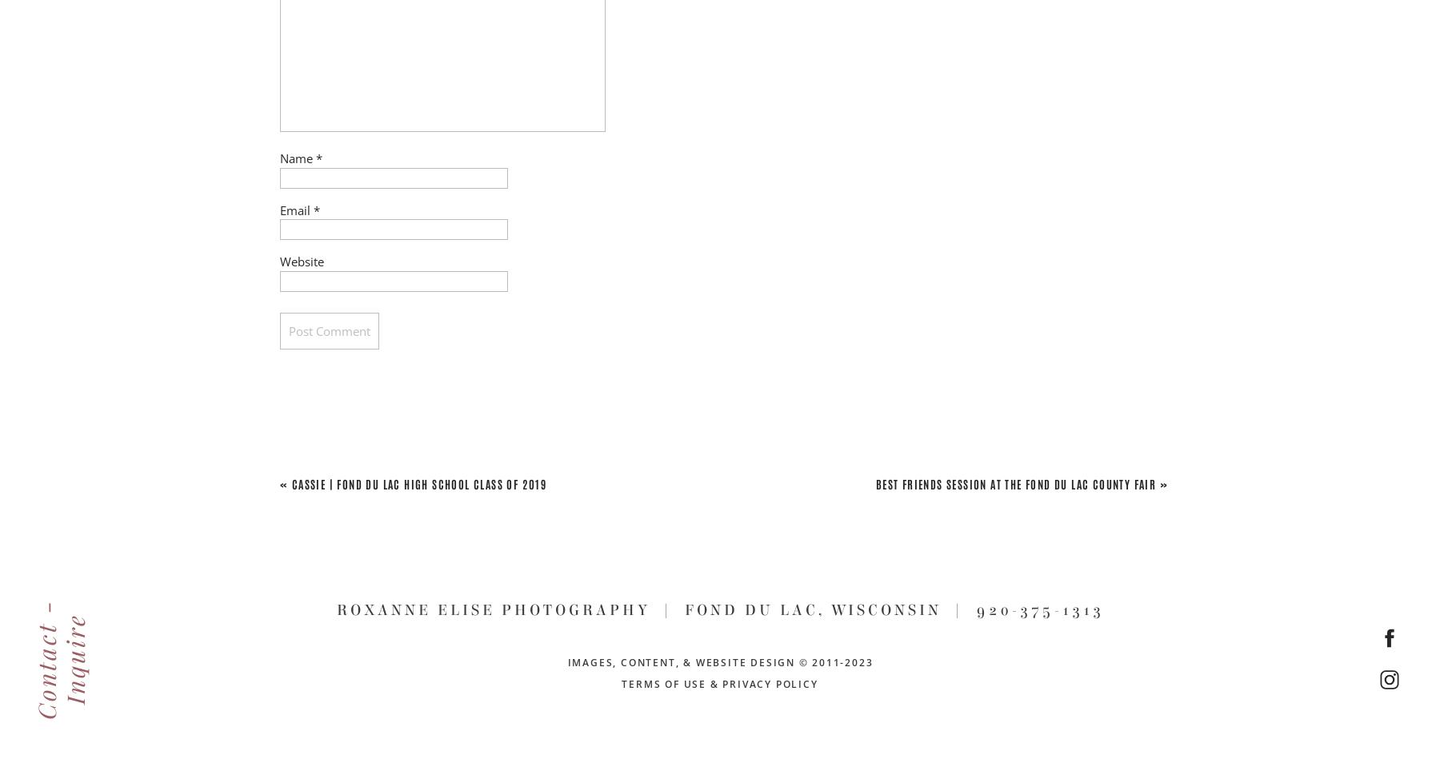 Image resolution: width=1440 pixels, height=759 pixels. Describe the element at coordinates (720, 661) in the screenshot. I see `'Images, content, & website design © 2011-2023'` at that location.